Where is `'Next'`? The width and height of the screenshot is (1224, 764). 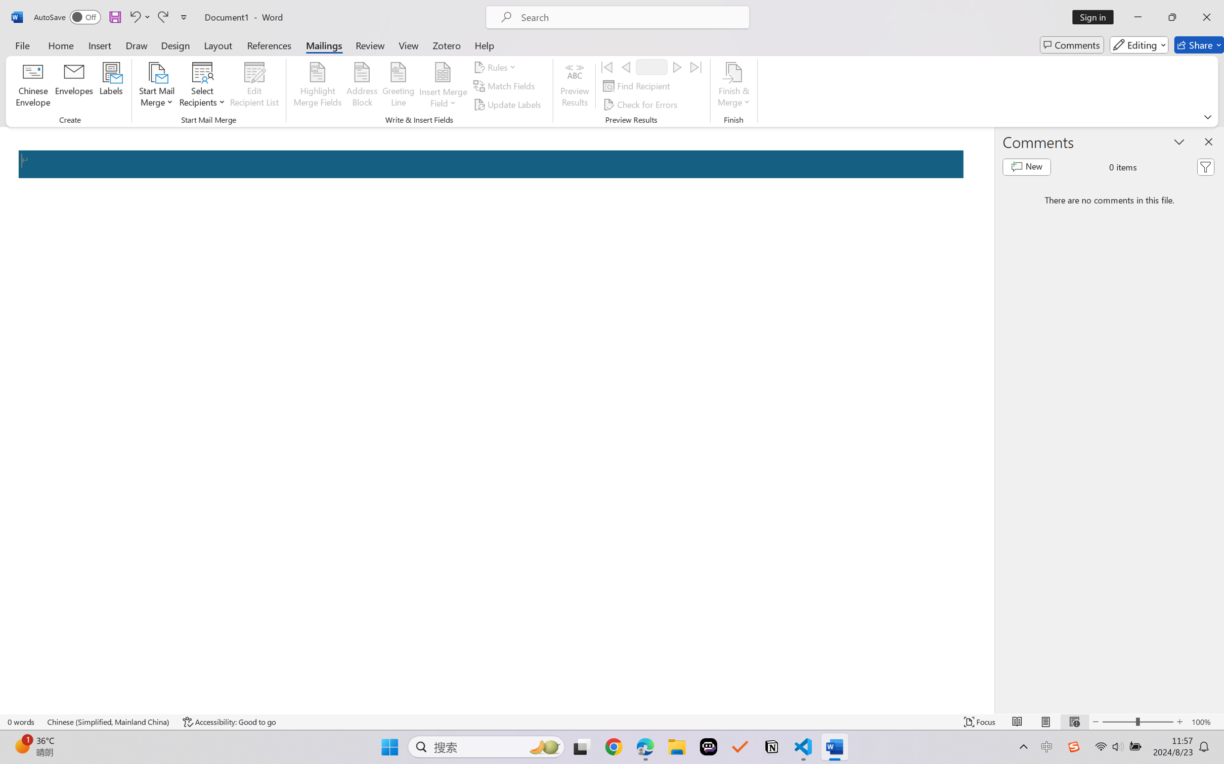 'Next' is located at coordinates (677, 66).